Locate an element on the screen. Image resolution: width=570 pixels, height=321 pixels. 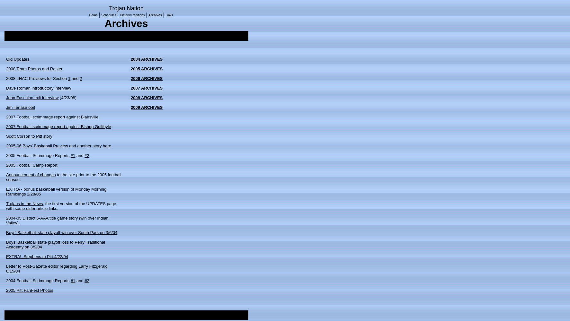
'Dave Roman introductory interview' is located at coordinates (38, 88).